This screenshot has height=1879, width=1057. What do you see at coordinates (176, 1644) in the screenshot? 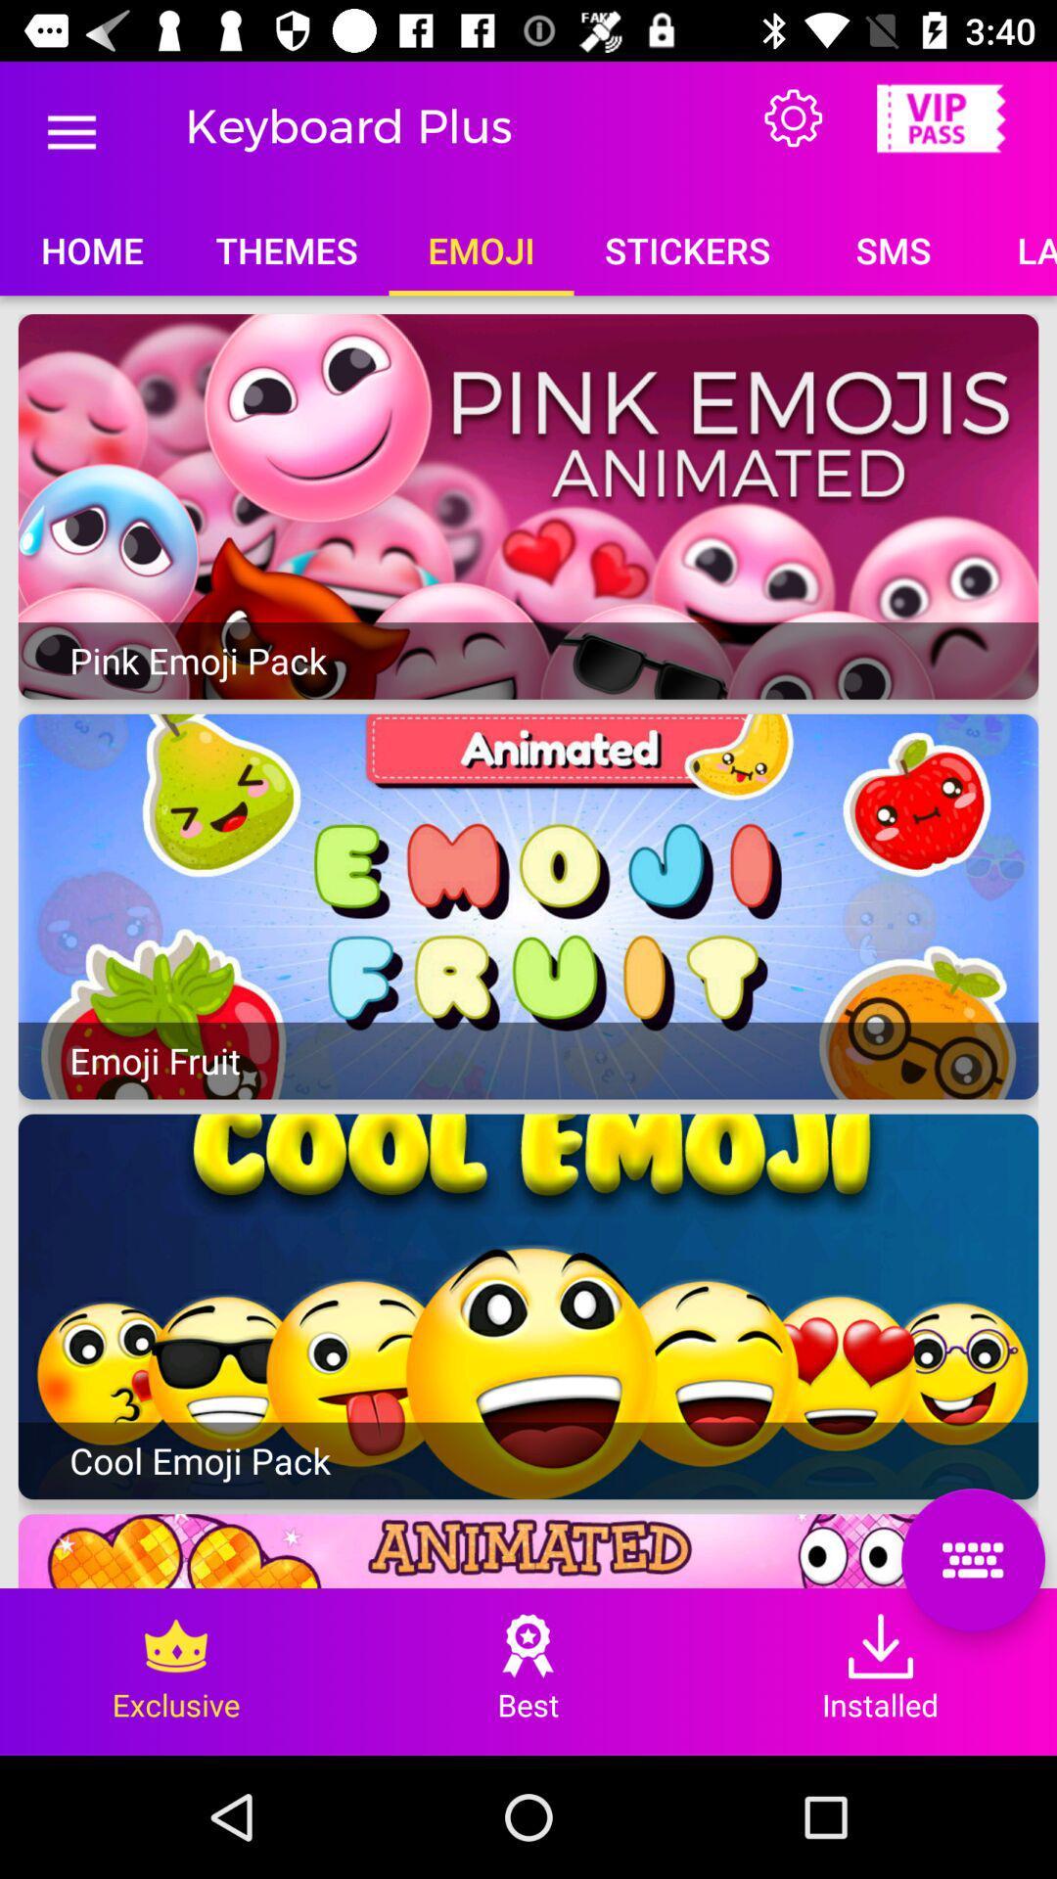
I see `the crown icon above exclusive` at bounding box center [176, 1644].